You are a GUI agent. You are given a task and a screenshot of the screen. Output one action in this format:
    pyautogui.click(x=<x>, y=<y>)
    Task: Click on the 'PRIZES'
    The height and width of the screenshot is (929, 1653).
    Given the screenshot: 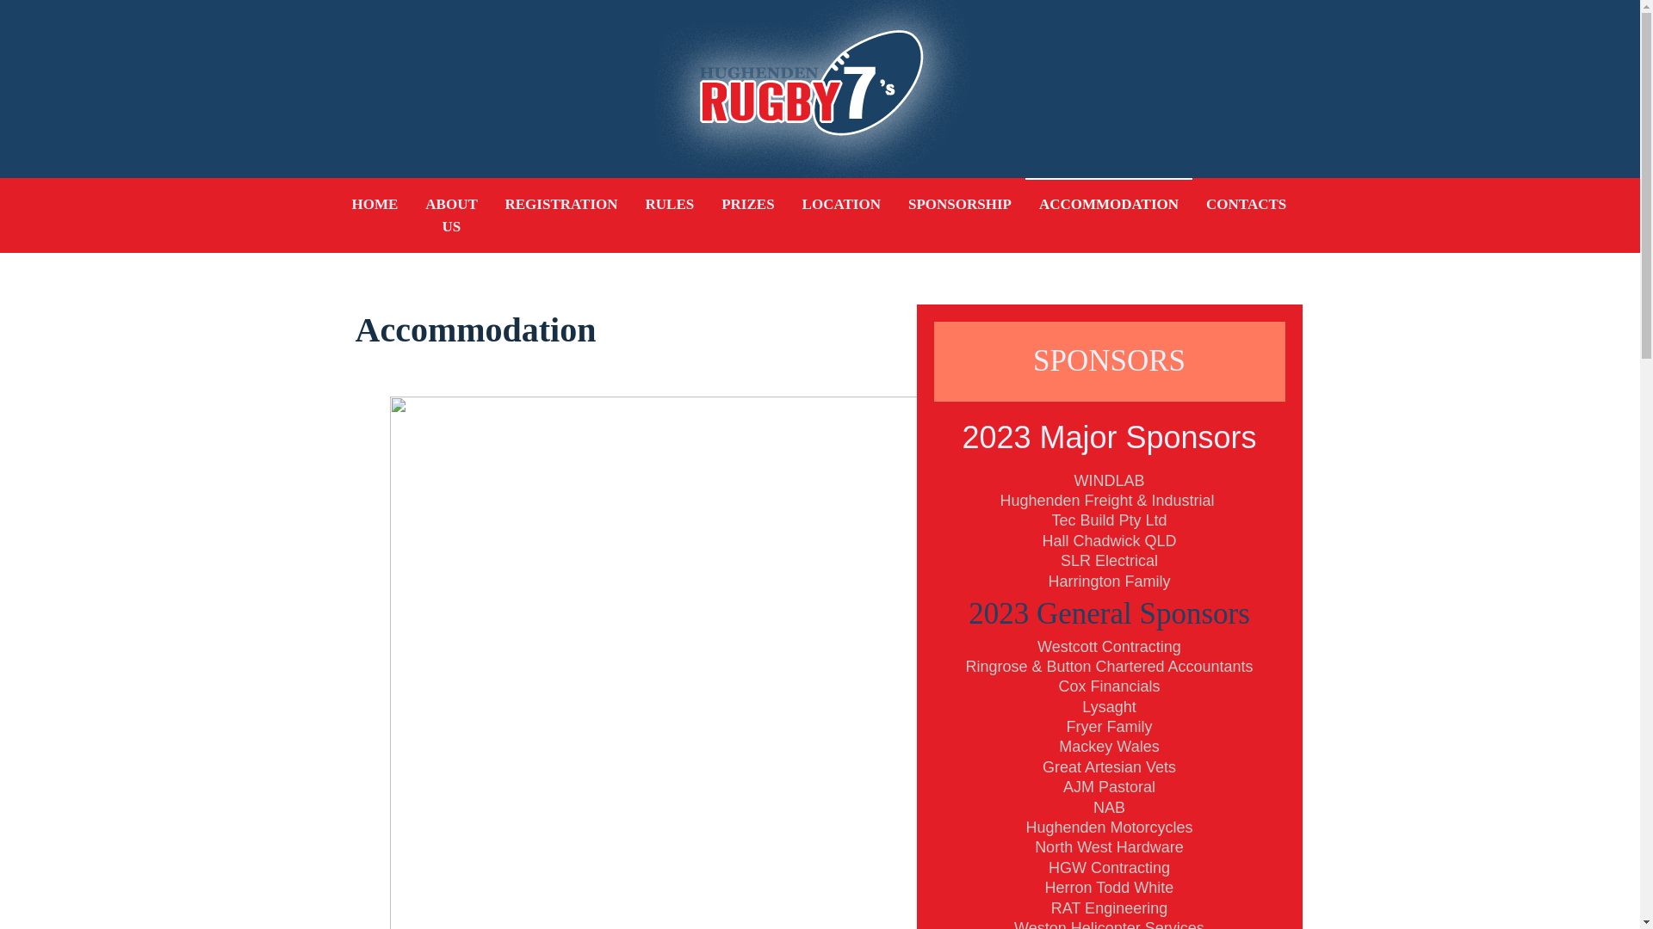 What is the action you would take?
    pyautogui.click(x=747, y=204)
    